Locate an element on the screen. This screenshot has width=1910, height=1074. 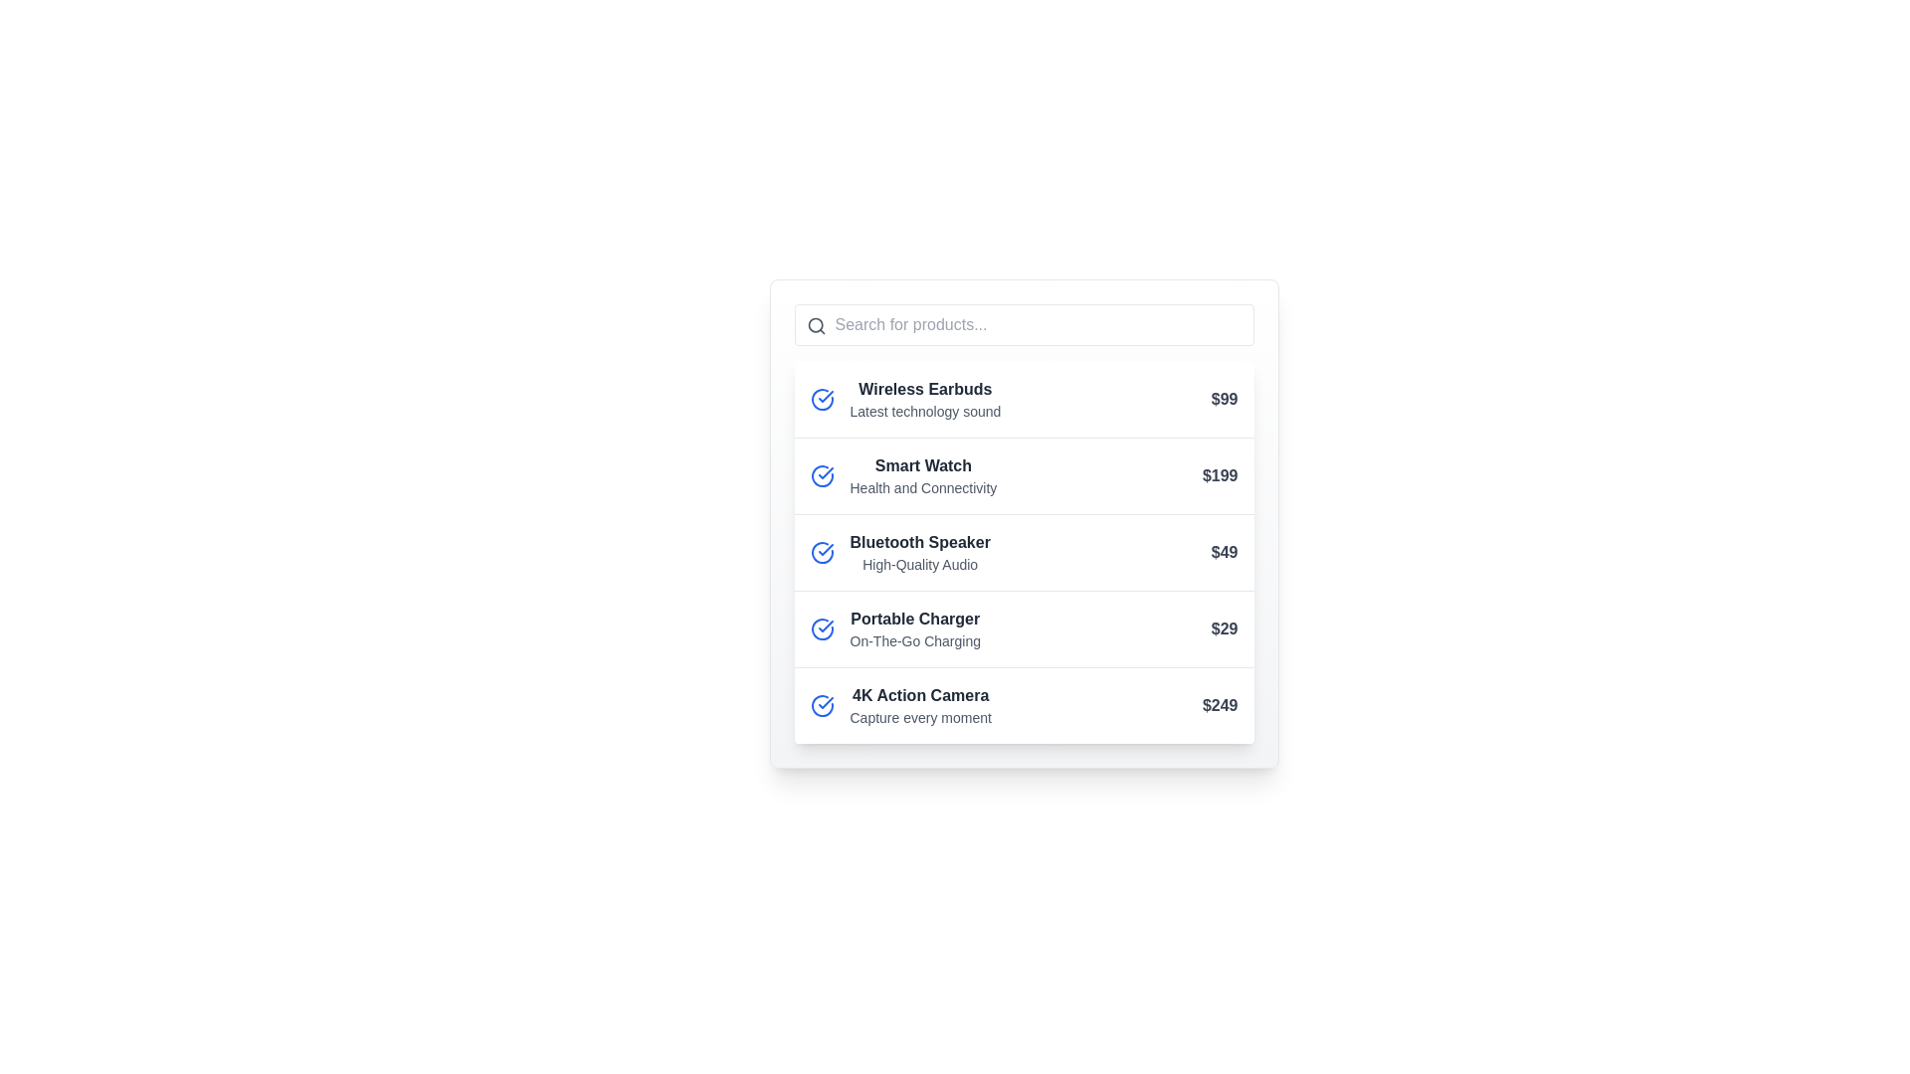
the visual indicator icon for the 'Bluetooth Speaker' located on the left side of the item, above the text 'High-Quality Audio' is located at coordinates (822, 552).